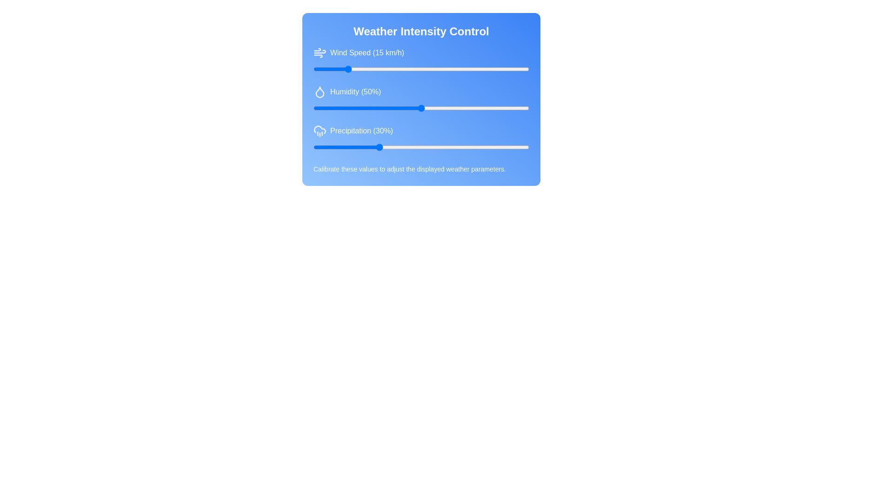  What do you see at coordinates (320, 92) in the screenshot?
I see `the water droplet icon located inside the 'Weather Intensity Control' panel, which is styled with a clean, minimalist outline design and positioned to the left of the 'Humidity (50%)' label` at bounding box center [320, 92].